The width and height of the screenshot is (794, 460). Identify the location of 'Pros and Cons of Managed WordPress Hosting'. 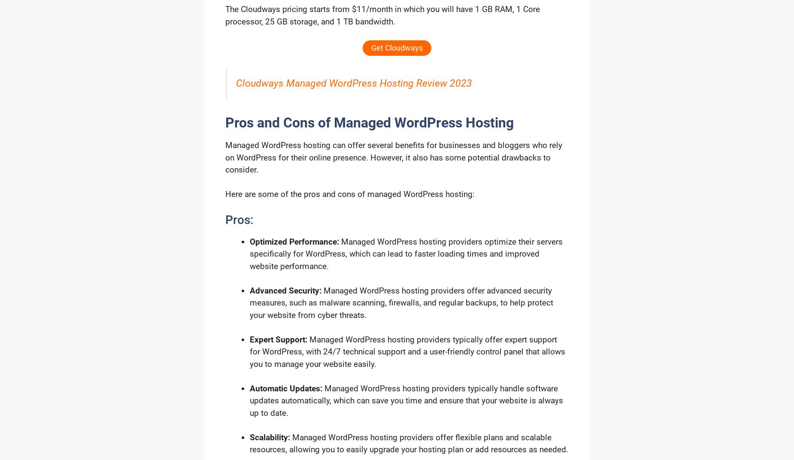
(369, 122).